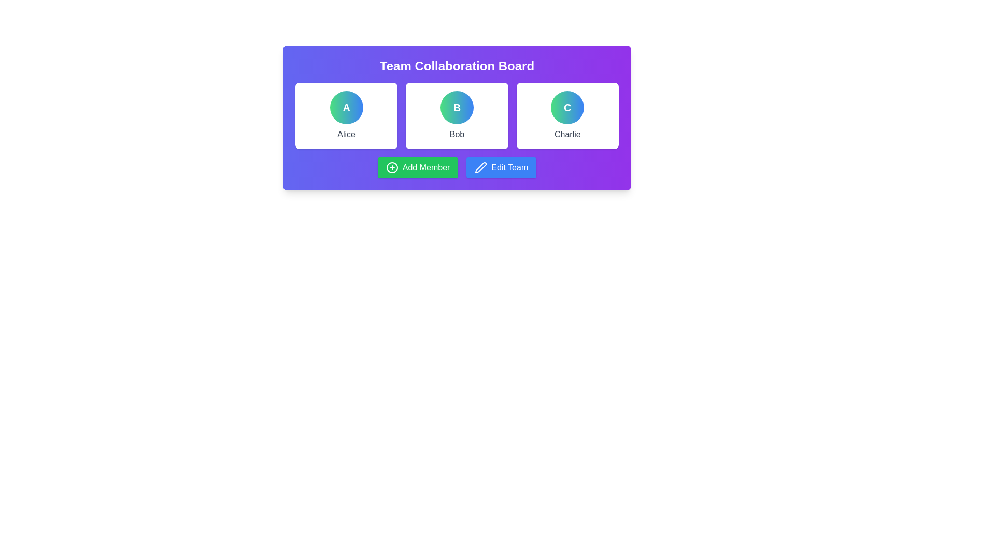 The image size is (995, 559). What do you see at coordinates (418, 167) in the screenshot?
I see `the green 'Add Member' button with a plus icon to initiate the add member functionality` at bounding box center [418, 167].